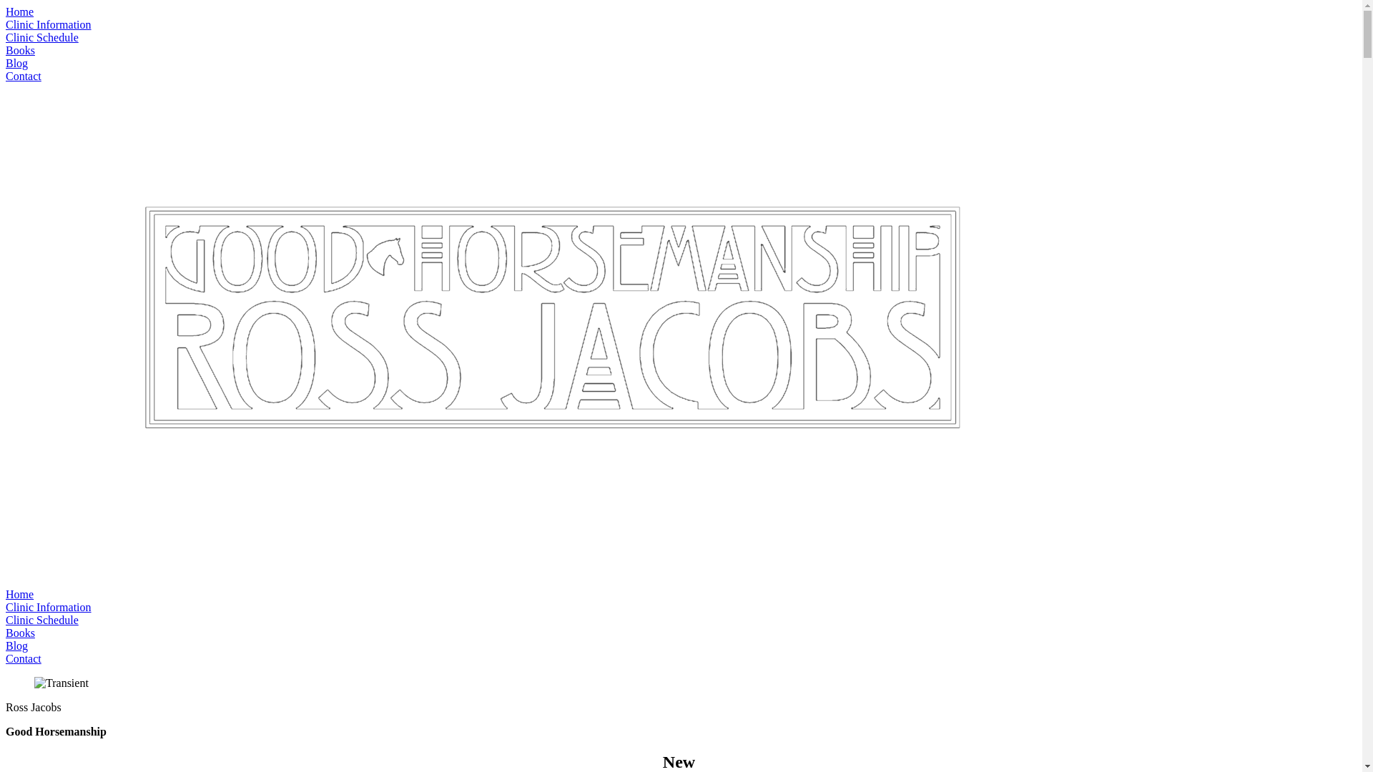  I want to click on 'Blog', so click(16, 645).